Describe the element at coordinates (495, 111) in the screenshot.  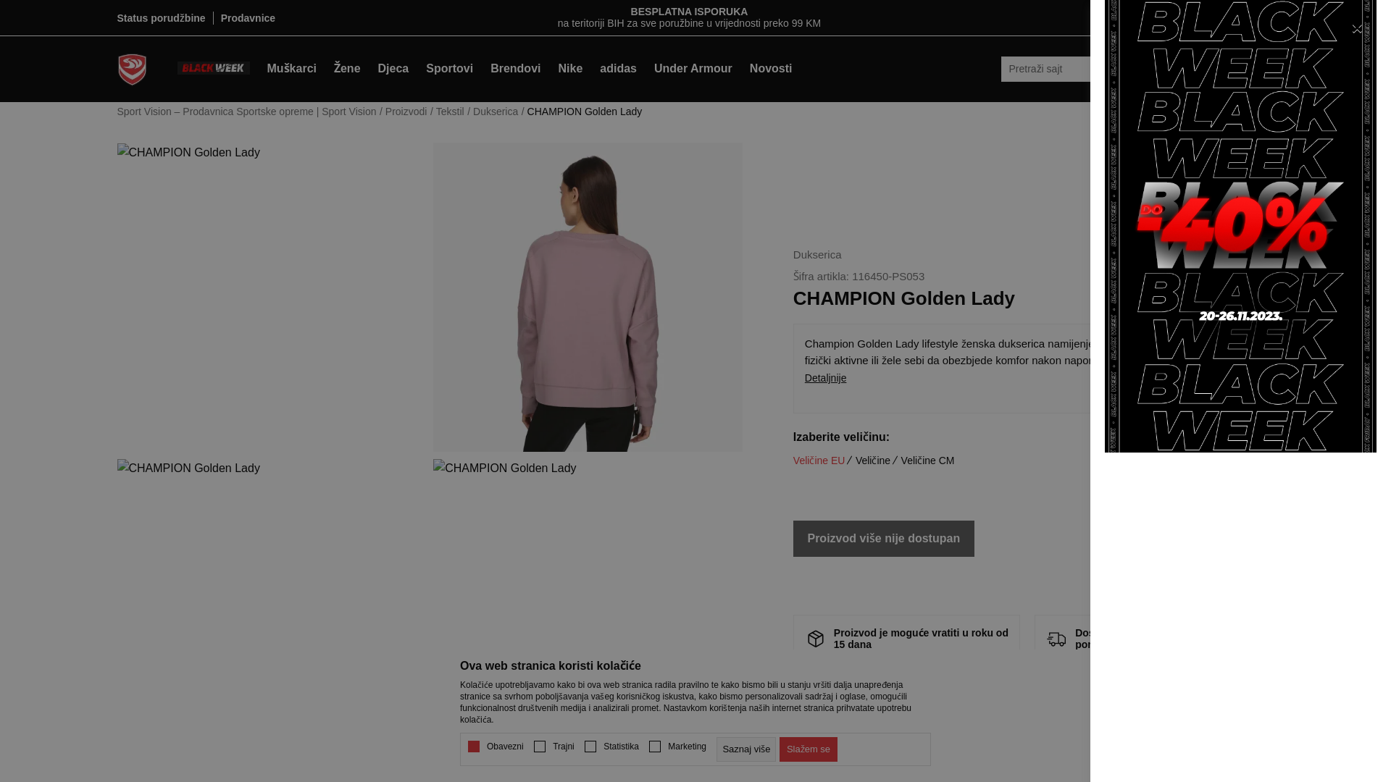
I see `'Dukserica'` at that location.